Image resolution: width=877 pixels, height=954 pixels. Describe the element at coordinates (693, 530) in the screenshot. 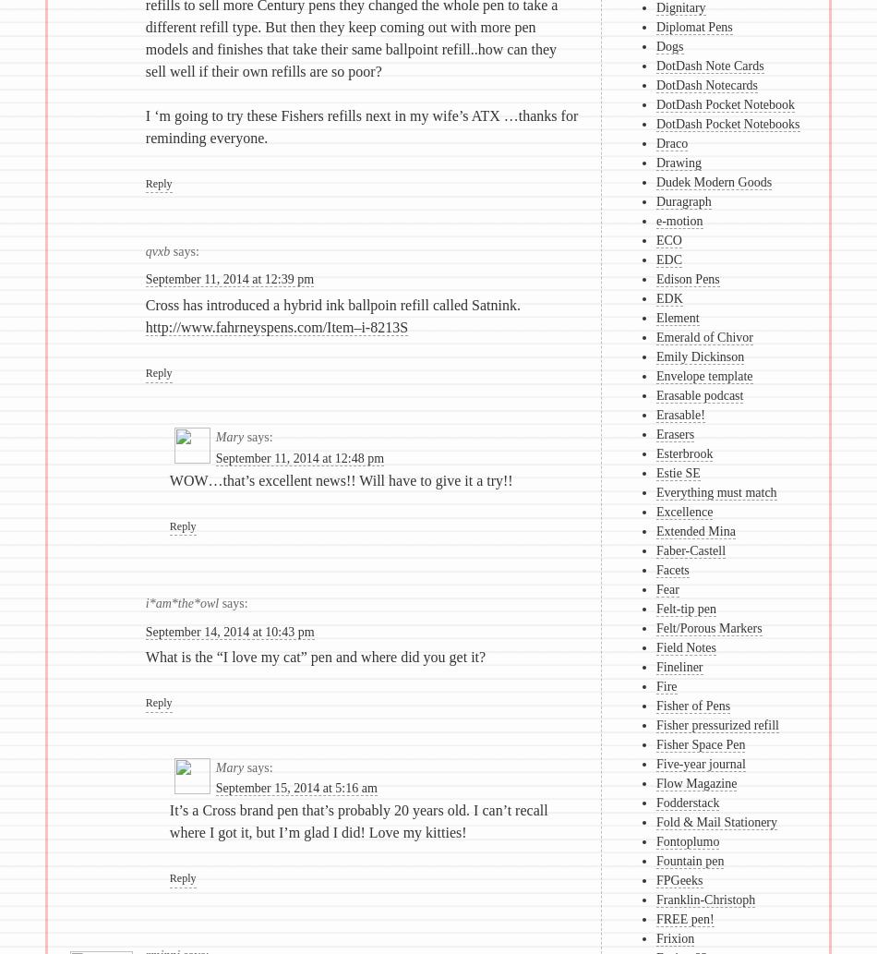

I see `'Extended Mina'` at that location.